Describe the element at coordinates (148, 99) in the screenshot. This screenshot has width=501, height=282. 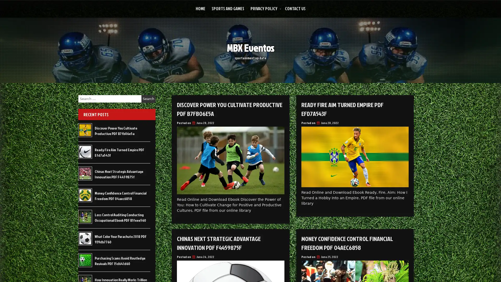
I see `Search` at that location.